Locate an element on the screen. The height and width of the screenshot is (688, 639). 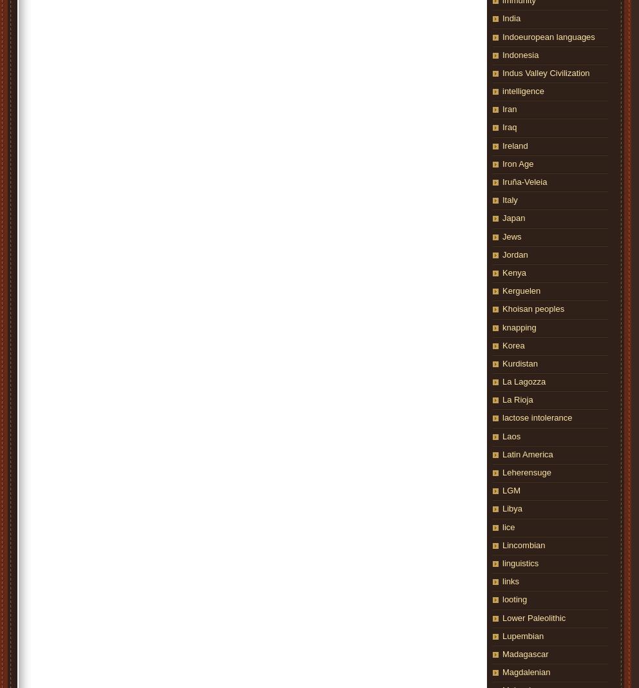
'linguistics' is located at coordinates (520, 562).